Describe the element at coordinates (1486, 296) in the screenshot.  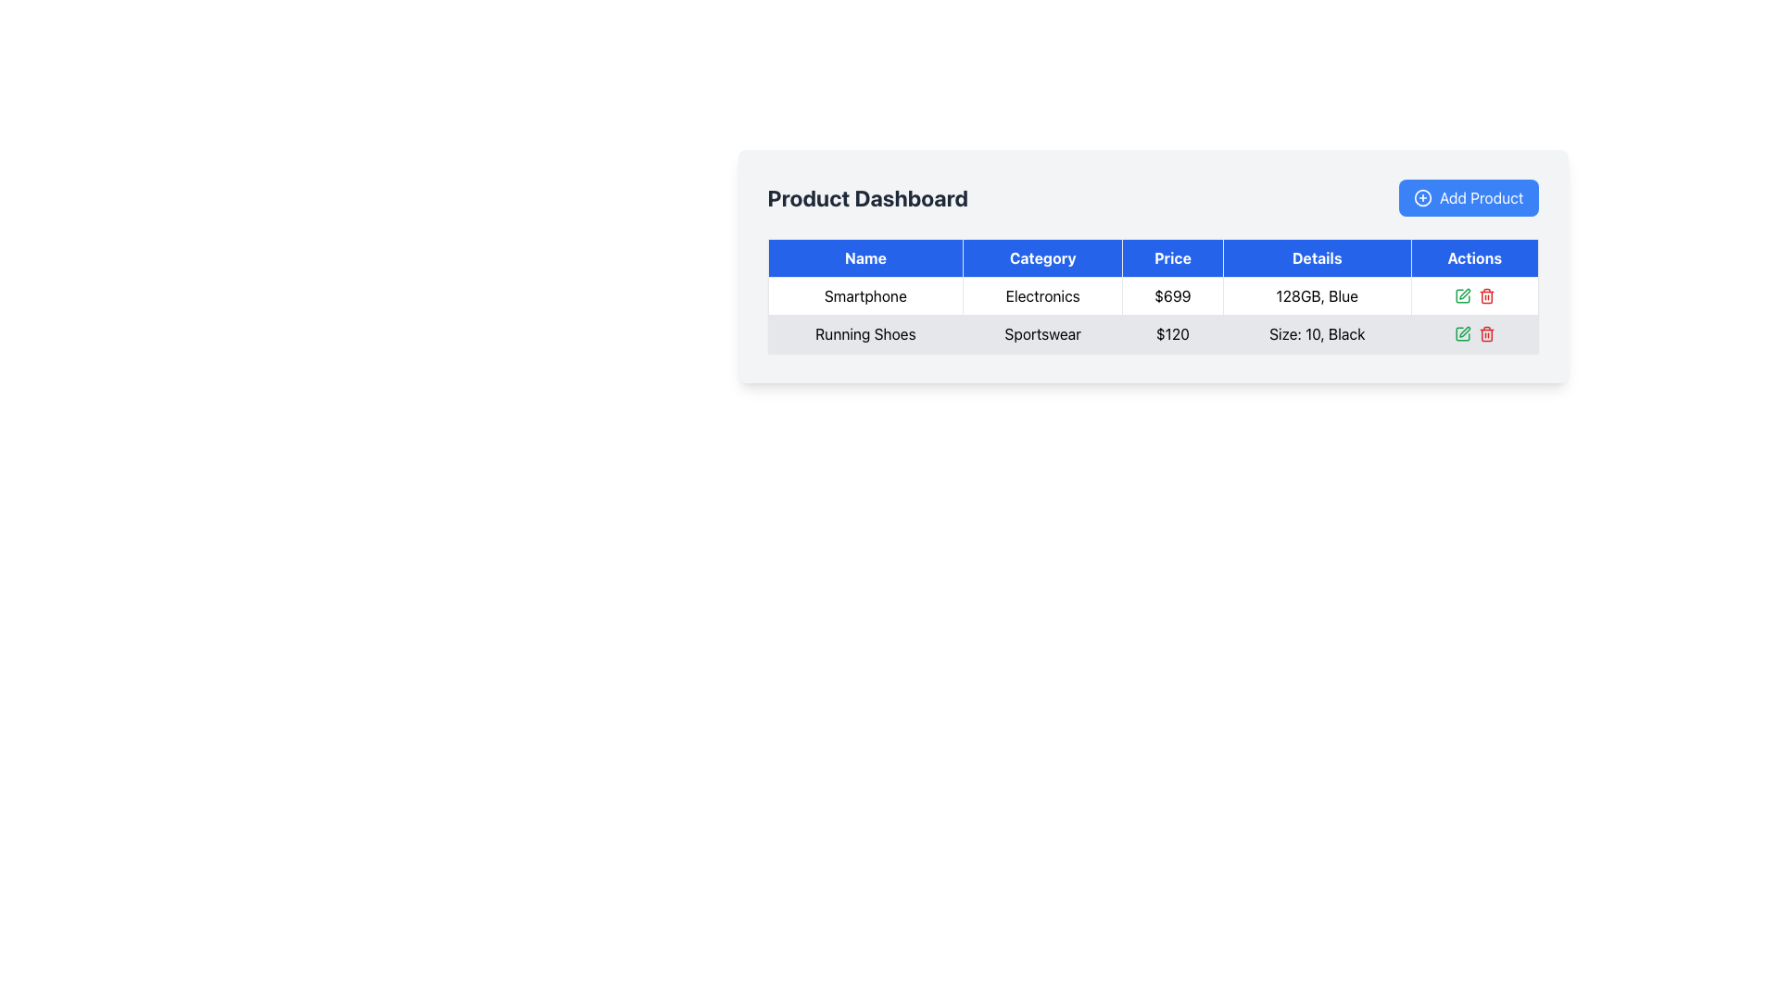
I see `the red-colored trash icon within the SVG icon in the 'Actions' column of the last row` at that location.